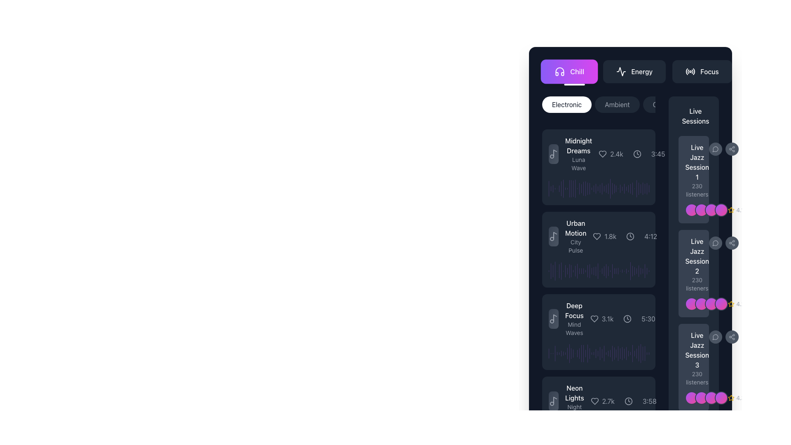 The height and width of the screenshot is (445, 791). I want to click on the first vertical Waveform Bar Segment representing the audio waveform for the track 'Deep Focus', so click(549, 353).